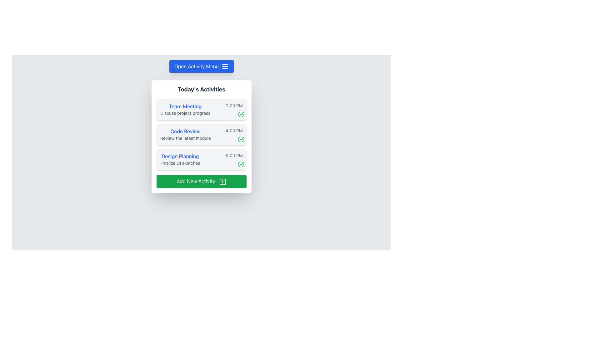 This screenshot has height=337, width=600. I want to click on activity details from the Text Block located at the top of the 'Today's Activities' list, above the 'Code Review' item, so click(201, 109).